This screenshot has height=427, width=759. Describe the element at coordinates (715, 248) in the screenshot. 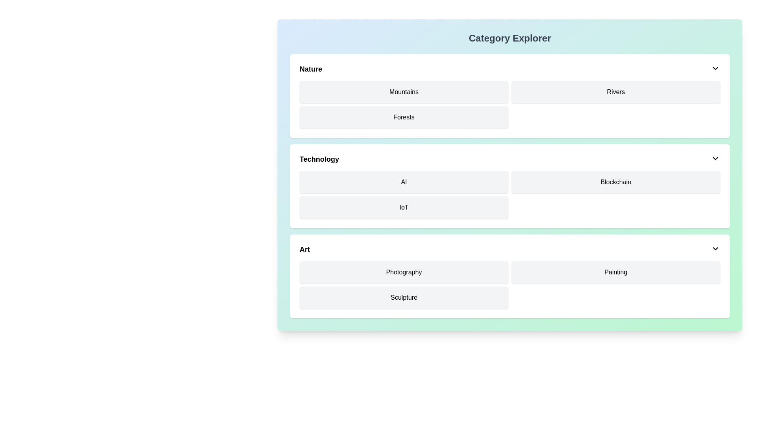

I see `the dropdown toggle icon in the top-right corner of the 'Art' section header` at that location.